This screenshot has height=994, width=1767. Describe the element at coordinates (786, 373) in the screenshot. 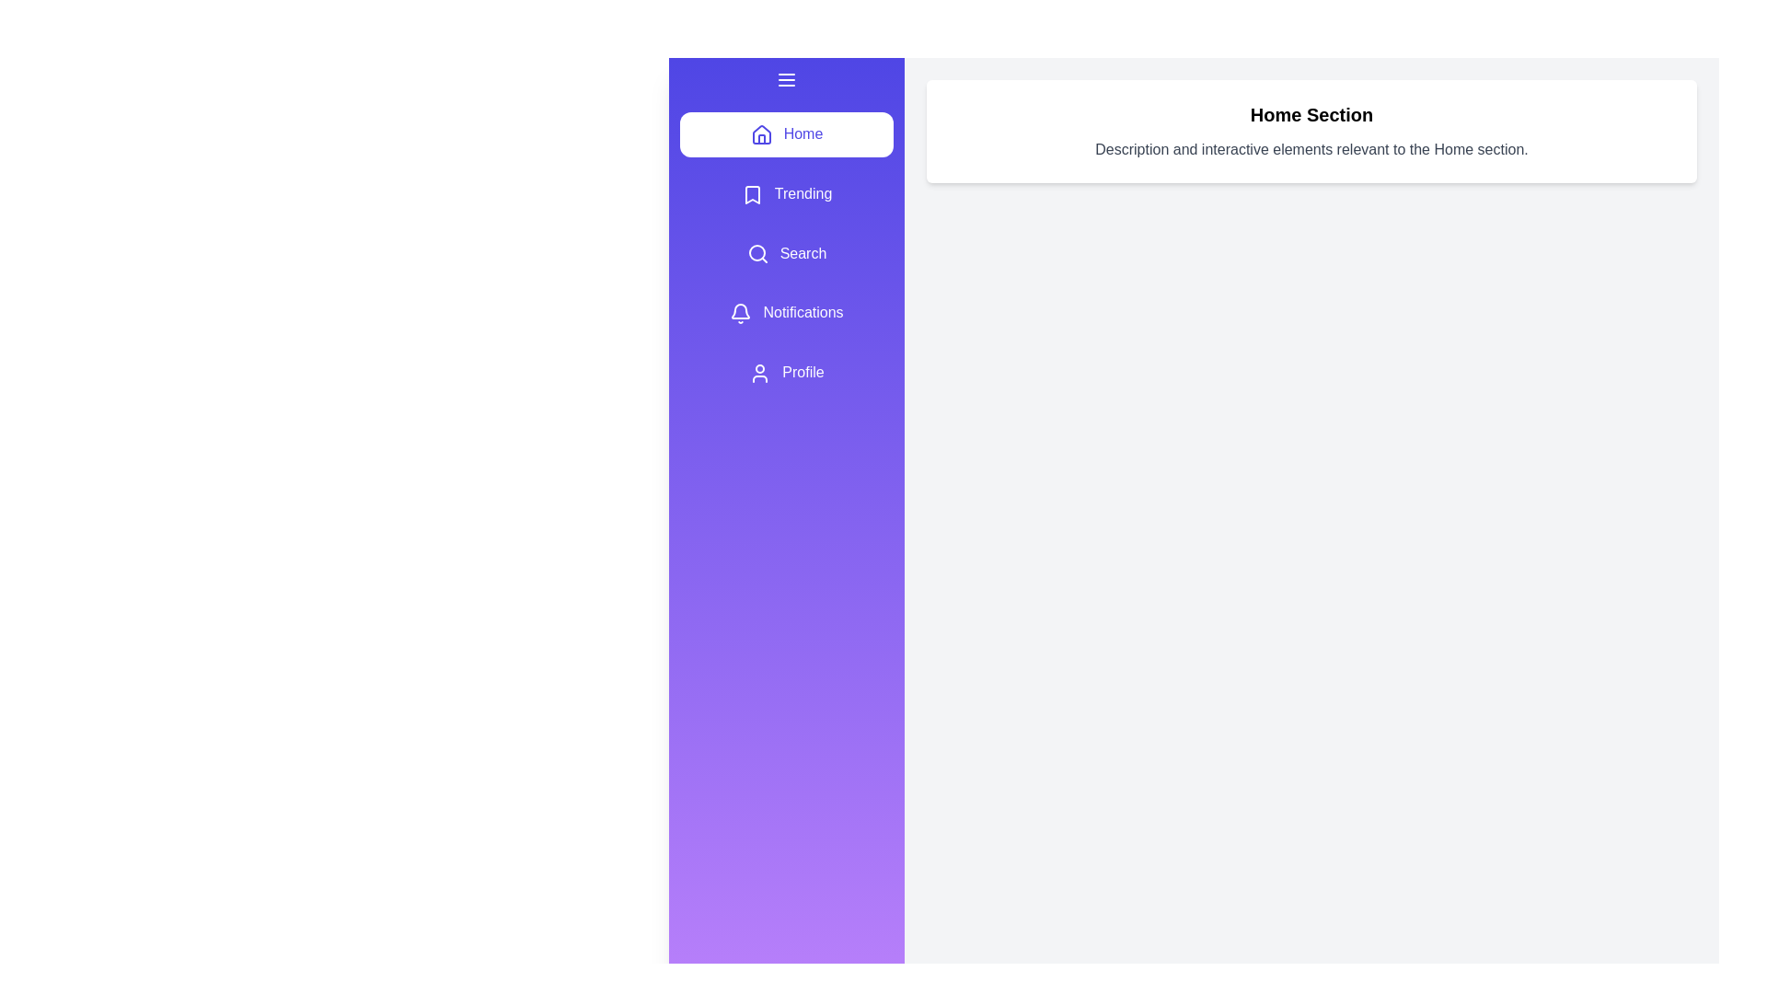

I see `the navigation option labeled Profile to observe the hover effect` at that location.